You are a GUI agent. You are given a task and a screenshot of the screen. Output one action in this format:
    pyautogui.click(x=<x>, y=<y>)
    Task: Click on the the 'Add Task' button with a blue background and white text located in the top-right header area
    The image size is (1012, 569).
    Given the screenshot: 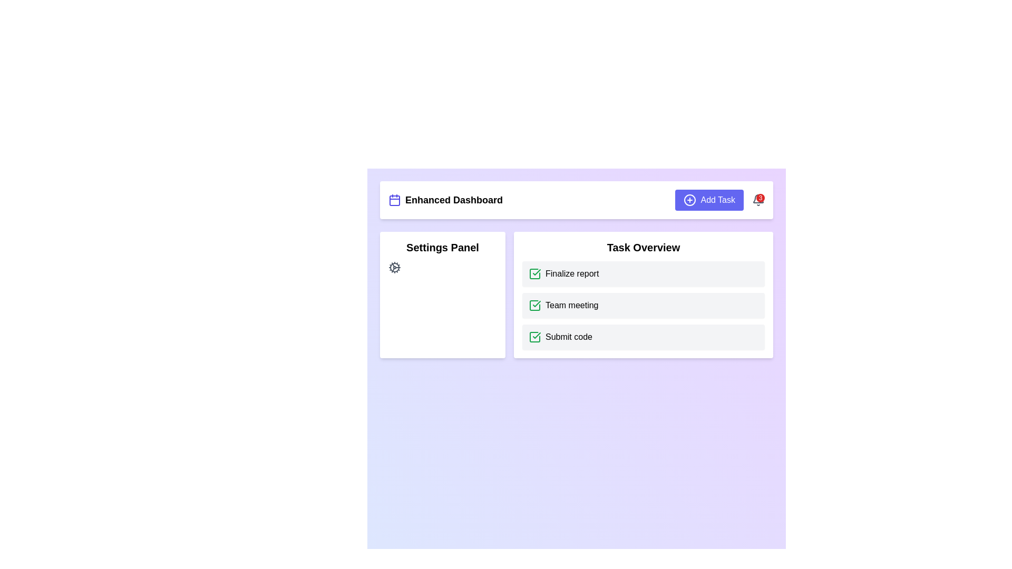 What is the action you would take?
    pyautogui.click(x=719, y=200)
    